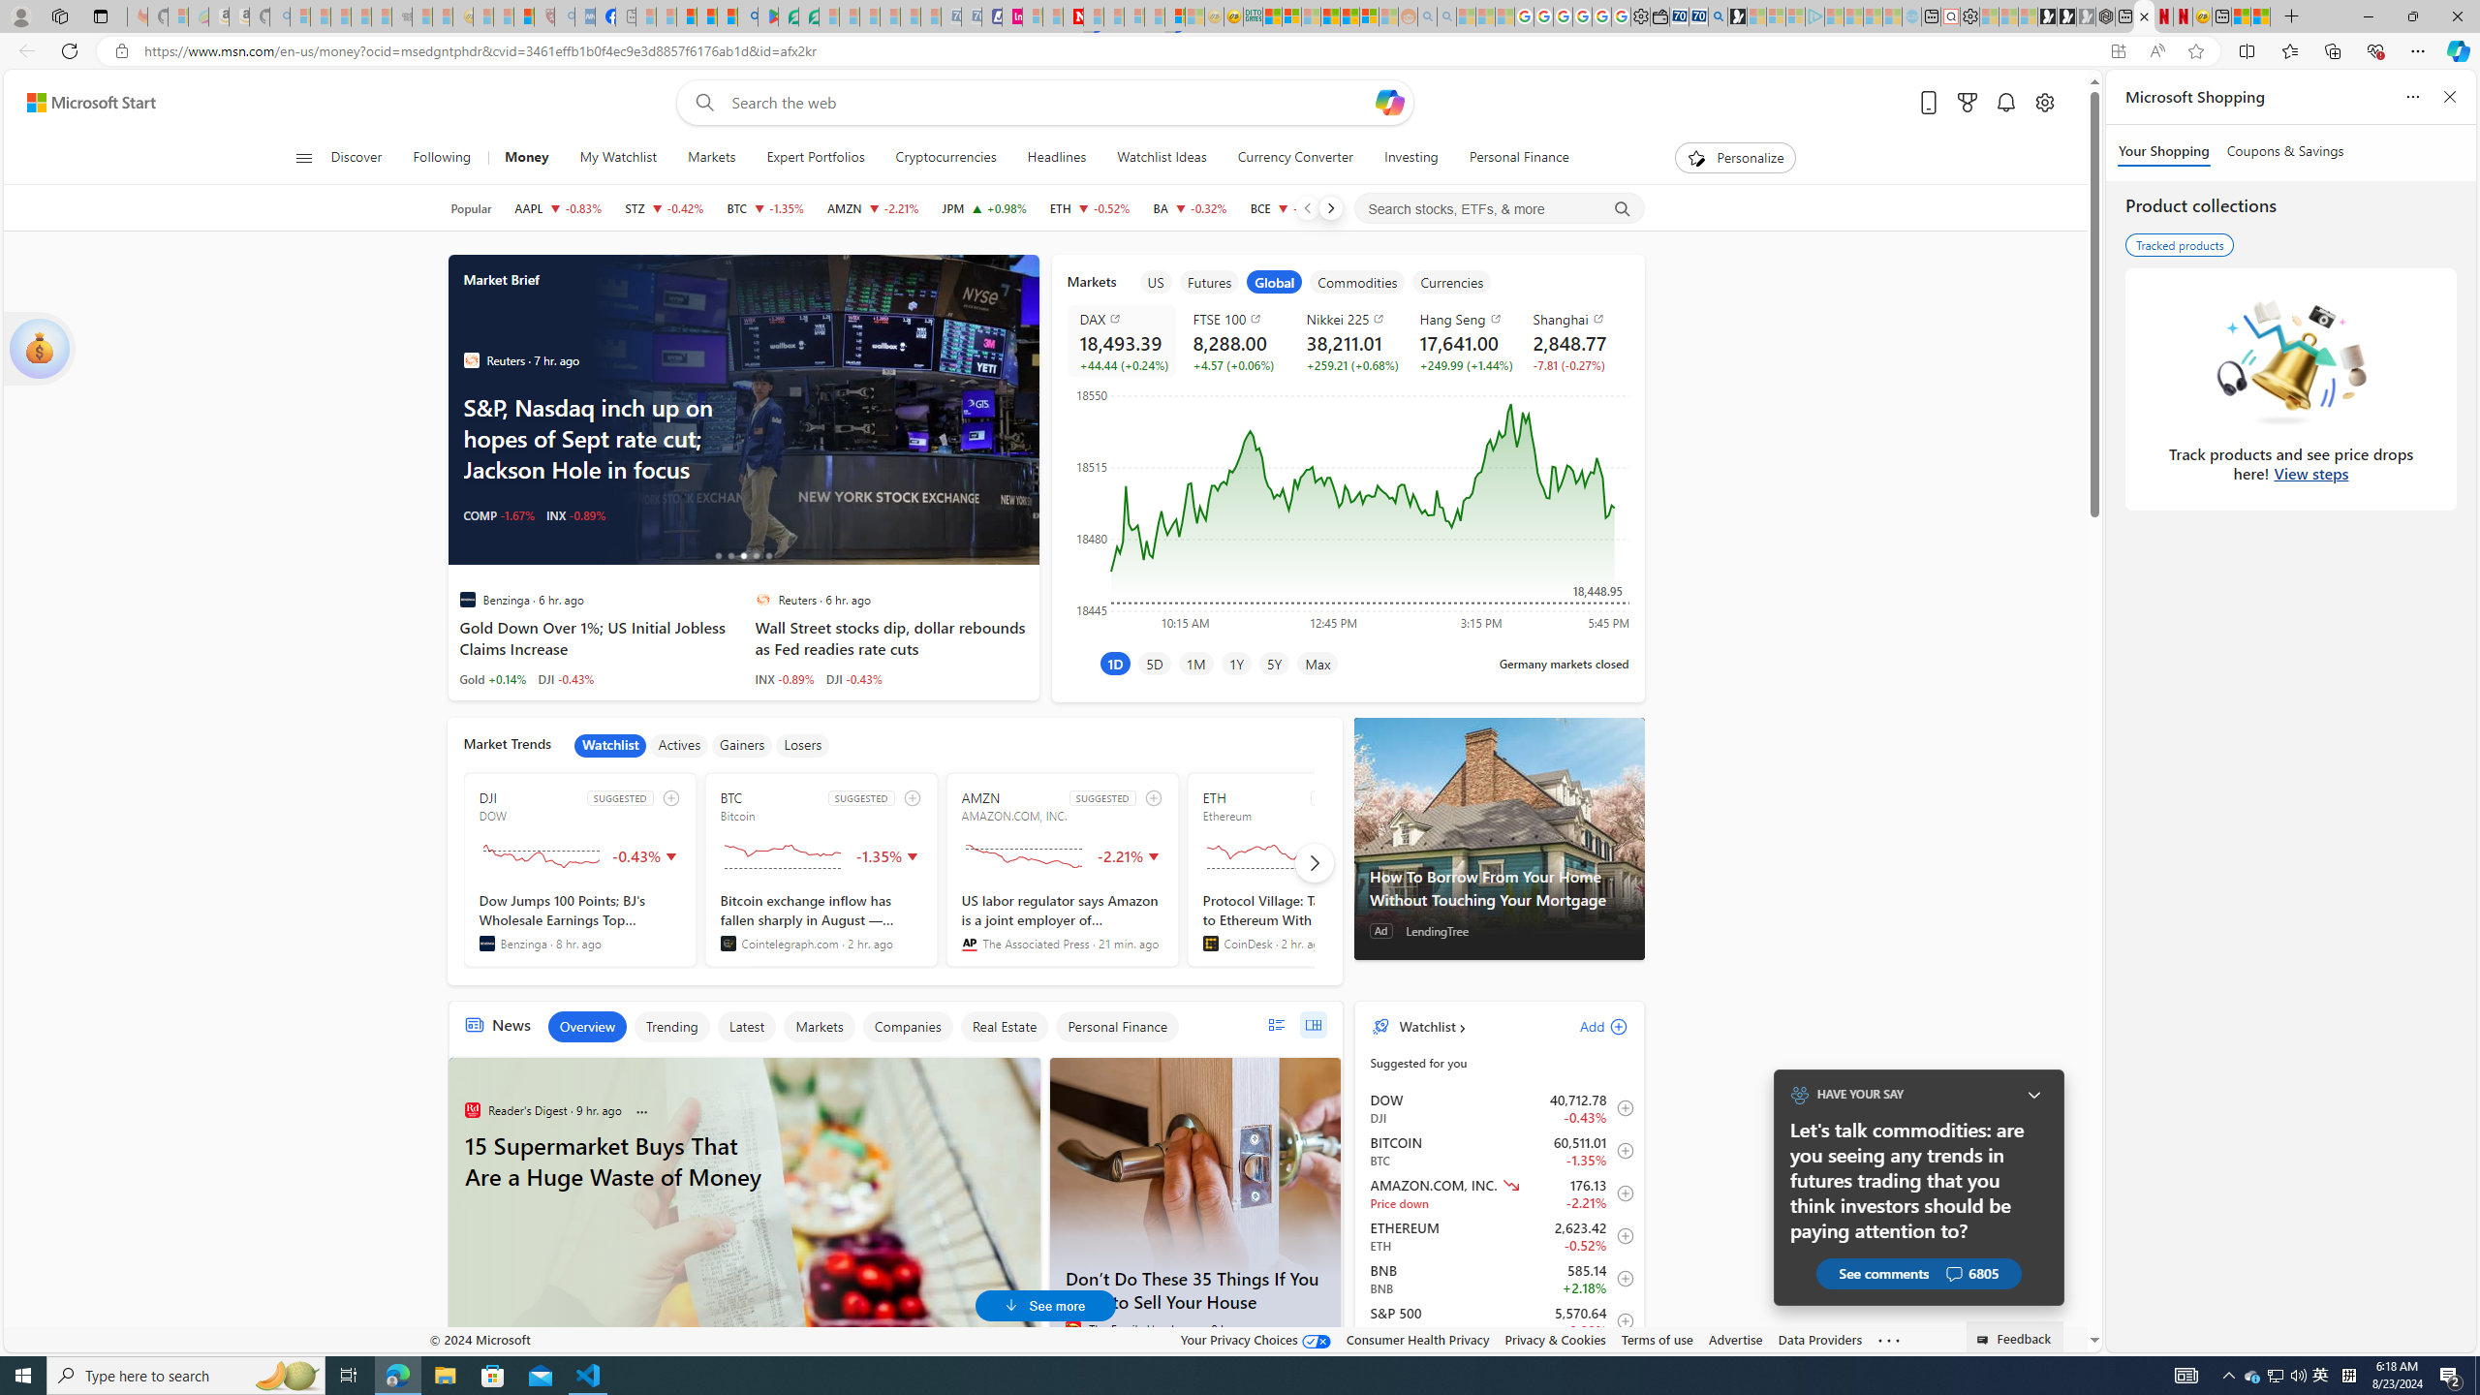 The width and height of the screenshot is (2480, 1395). What do you see at coordinates (402, 15) in the screenshot?
I see `'Combat Siege'` at bounding box center [402, 15].